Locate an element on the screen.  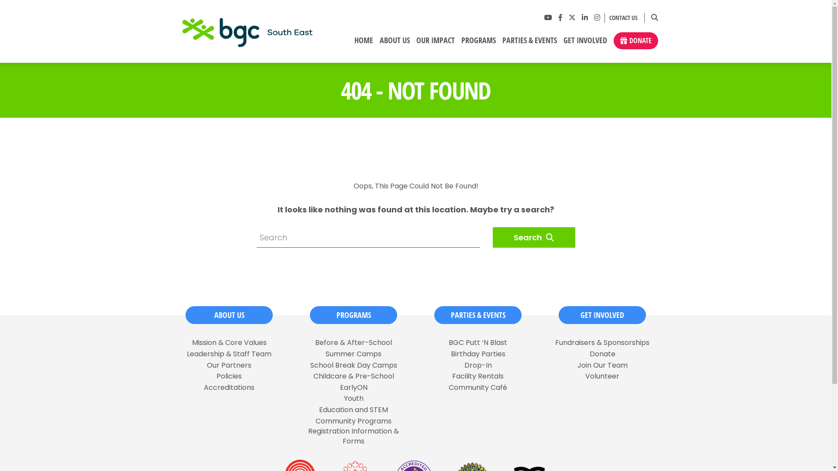
'Mission & Core Values' is located at coordinates (229, 342).